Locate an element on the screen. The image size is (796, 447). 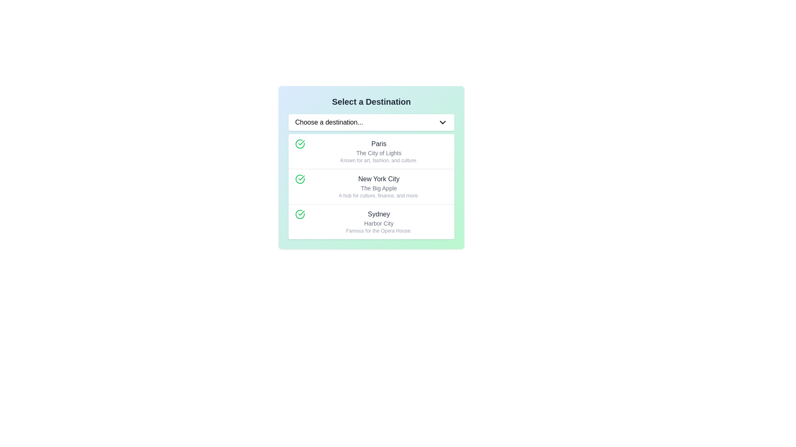
the Dropdown menu button labeled 'Choose a destination...' to view the browser context menu is located at coordinates (371, 123).